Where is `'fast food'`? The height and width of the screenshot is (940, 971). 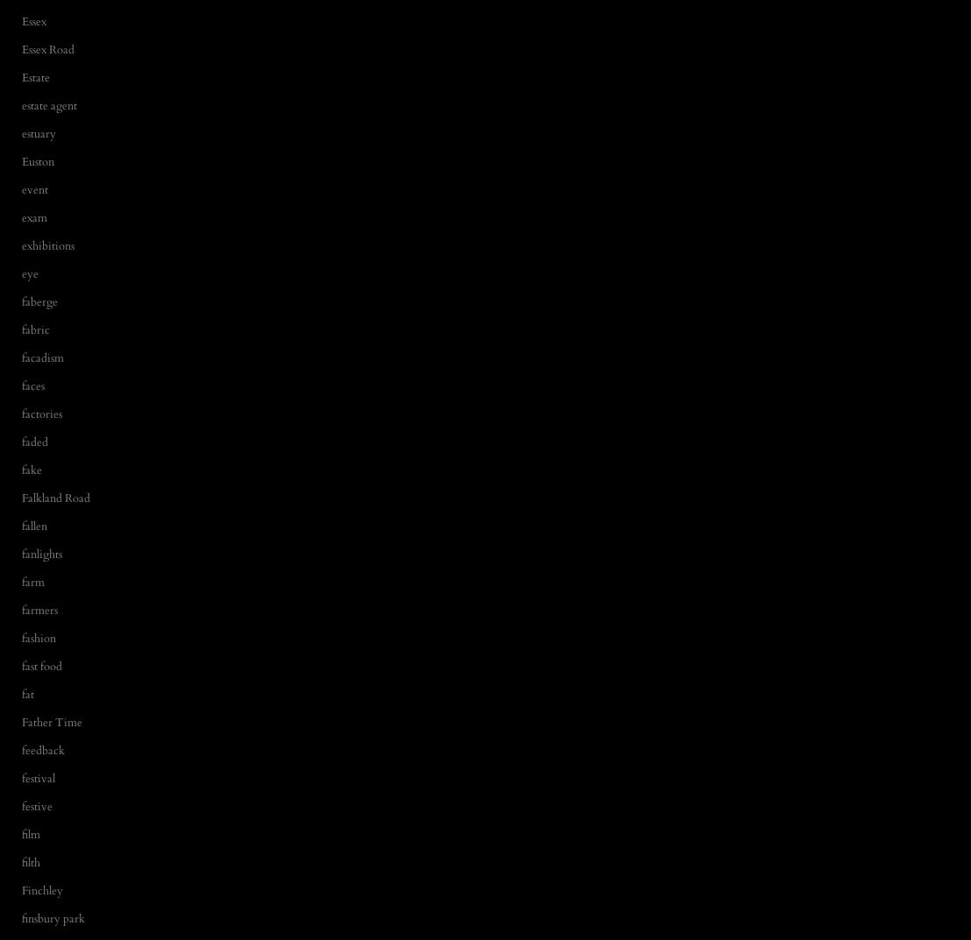 'fast food' is located at coordinates (40, 665).